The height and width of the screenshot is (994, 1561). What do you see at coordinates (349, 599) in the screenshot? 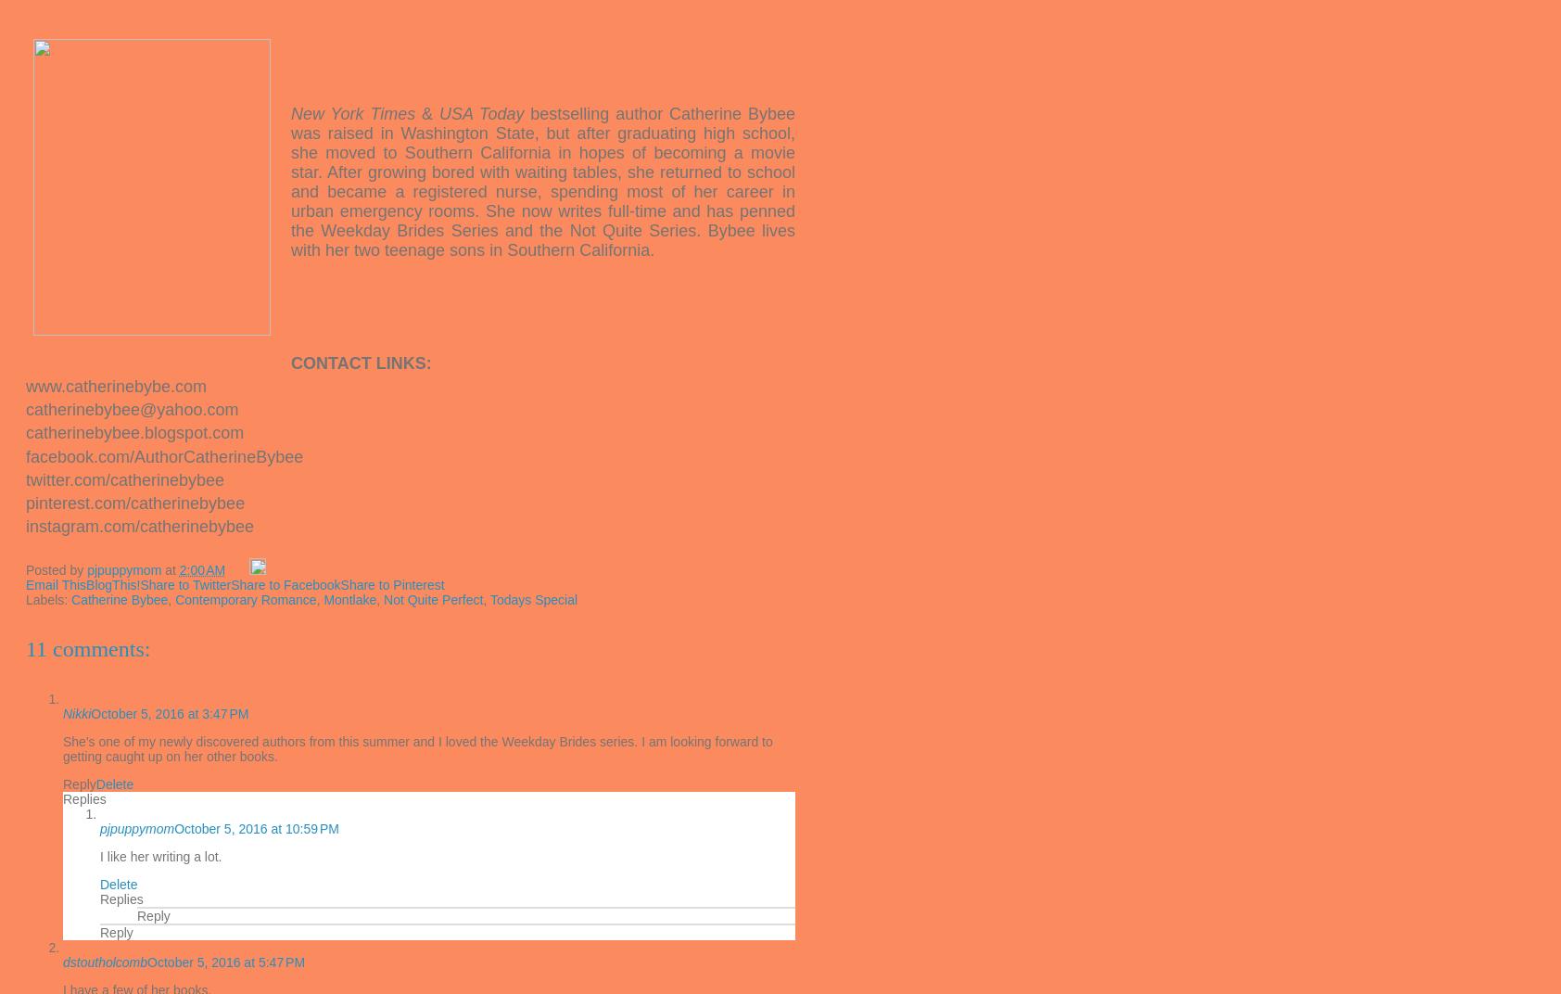
I see `'Montlake'` at bounding box center [349, 599].